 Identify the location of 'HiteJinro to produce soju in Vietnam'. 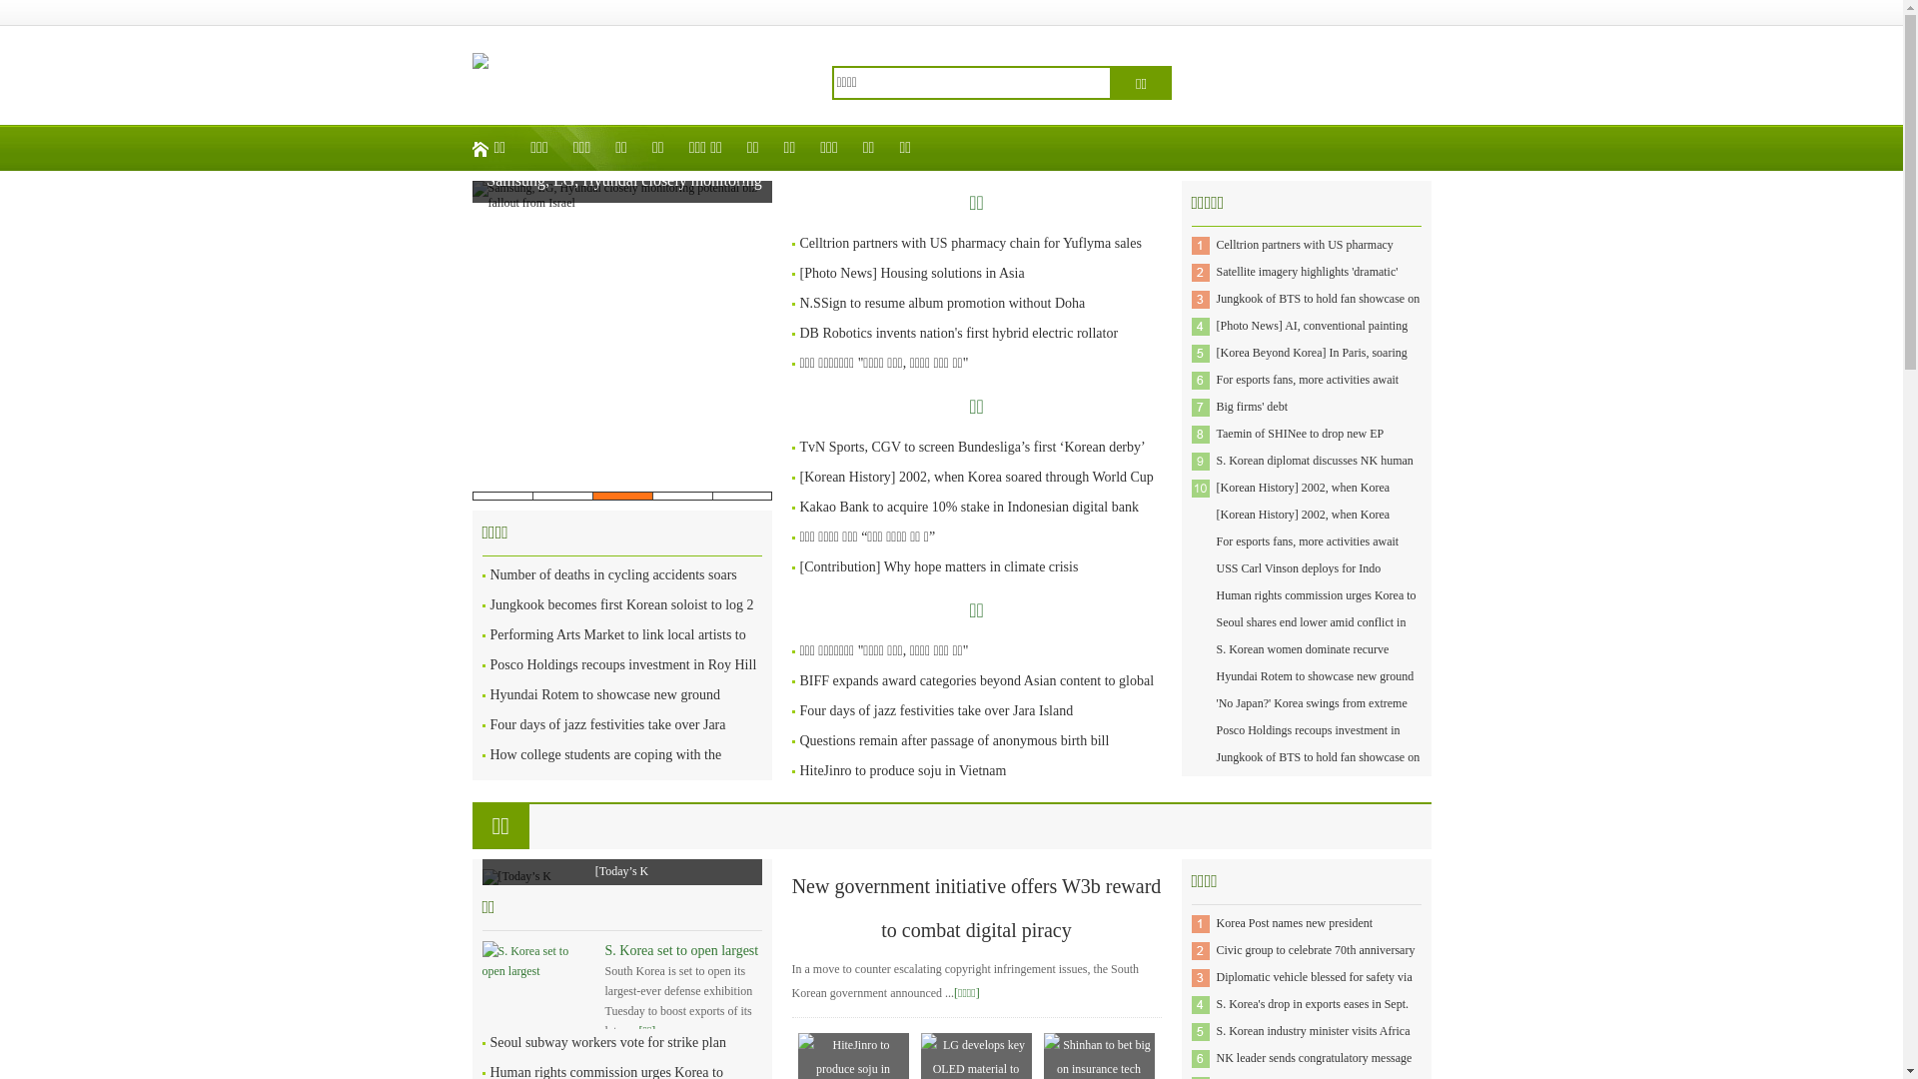
(901, 769).